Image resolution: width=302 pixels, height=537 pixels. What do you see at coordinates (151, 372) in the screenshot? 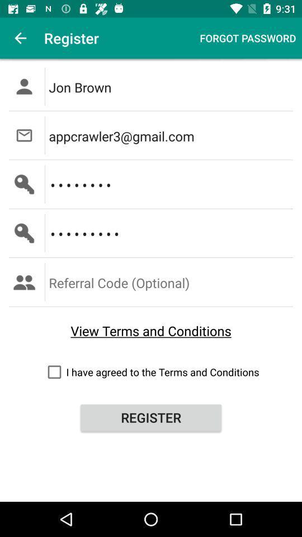
I see `the item below the view terms and` at bounding box center [151, 372].